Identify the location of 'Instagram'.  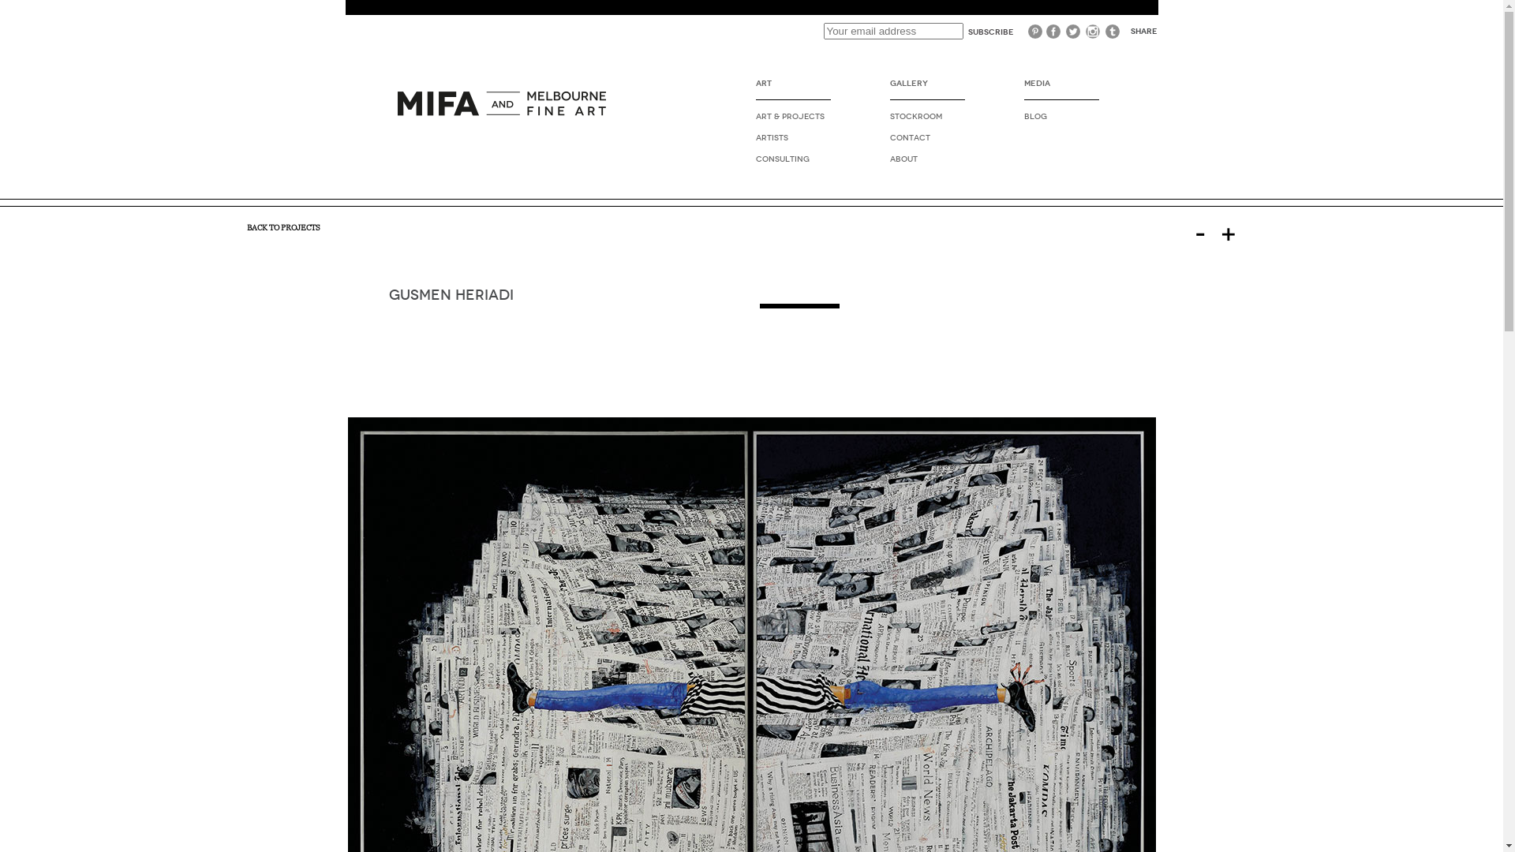
(1085, 31).